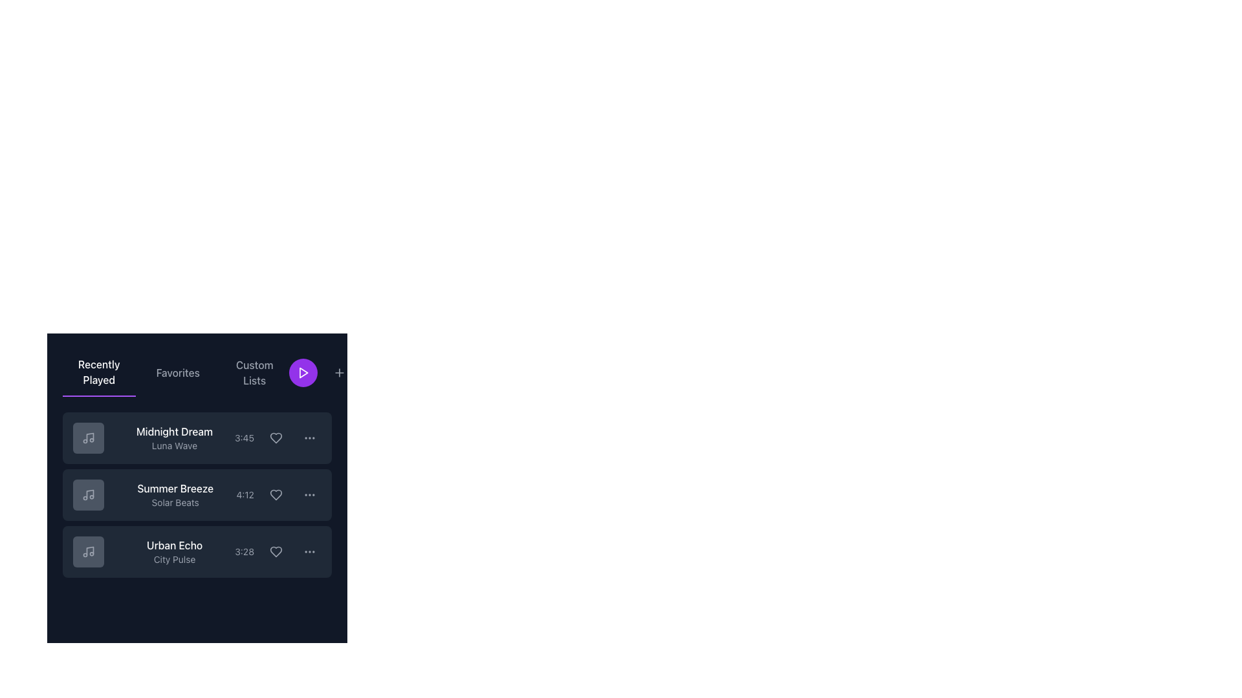 The image size is (1242, 698). What do you see at coordinates (302, 373) in the screenshot?
I see `the round purple button with a white play icon located at the top right corner of the interface` at bounding box center [302, 373].